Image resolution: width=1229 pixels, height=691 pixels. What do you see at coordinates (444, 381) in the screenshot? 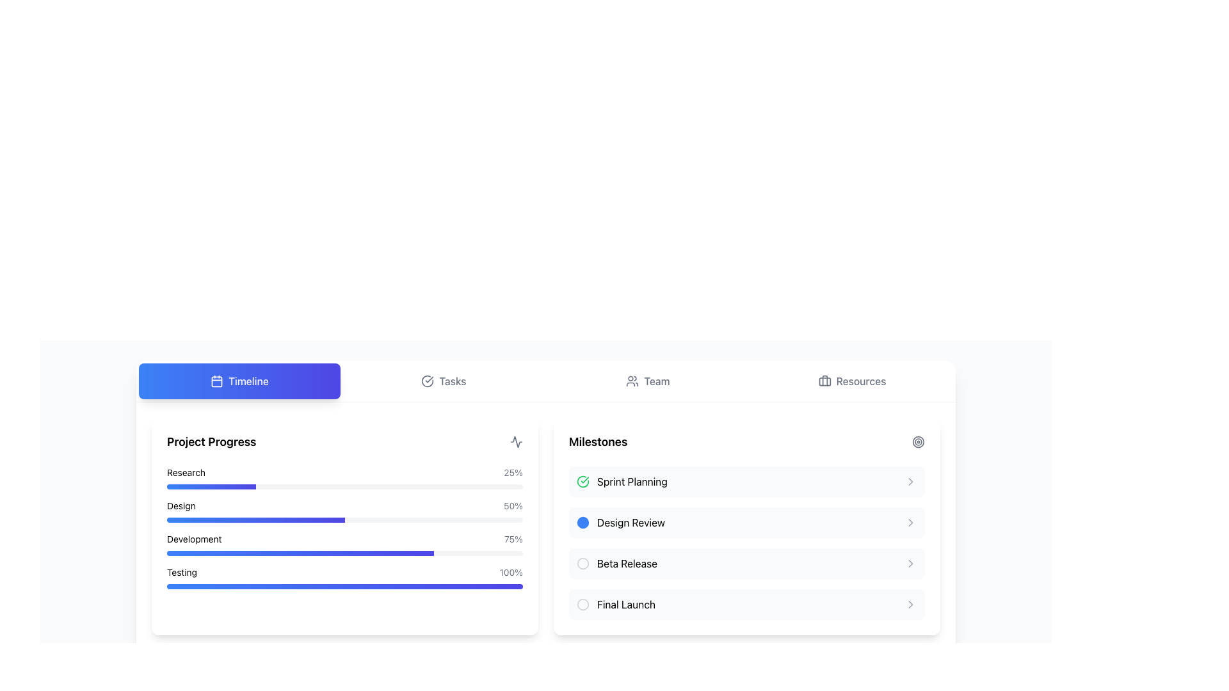
I see `the second button in the navigation bar that redirects to task management or task overview` at bounding box center [444, 381].